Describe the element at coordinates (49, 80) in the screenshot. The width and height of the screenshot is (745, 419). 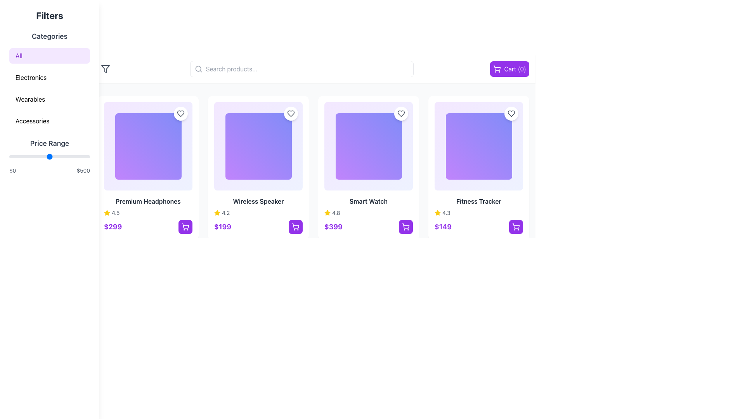
I see `a selectable option in the 'Categories' vertical list, specifically` at that location.